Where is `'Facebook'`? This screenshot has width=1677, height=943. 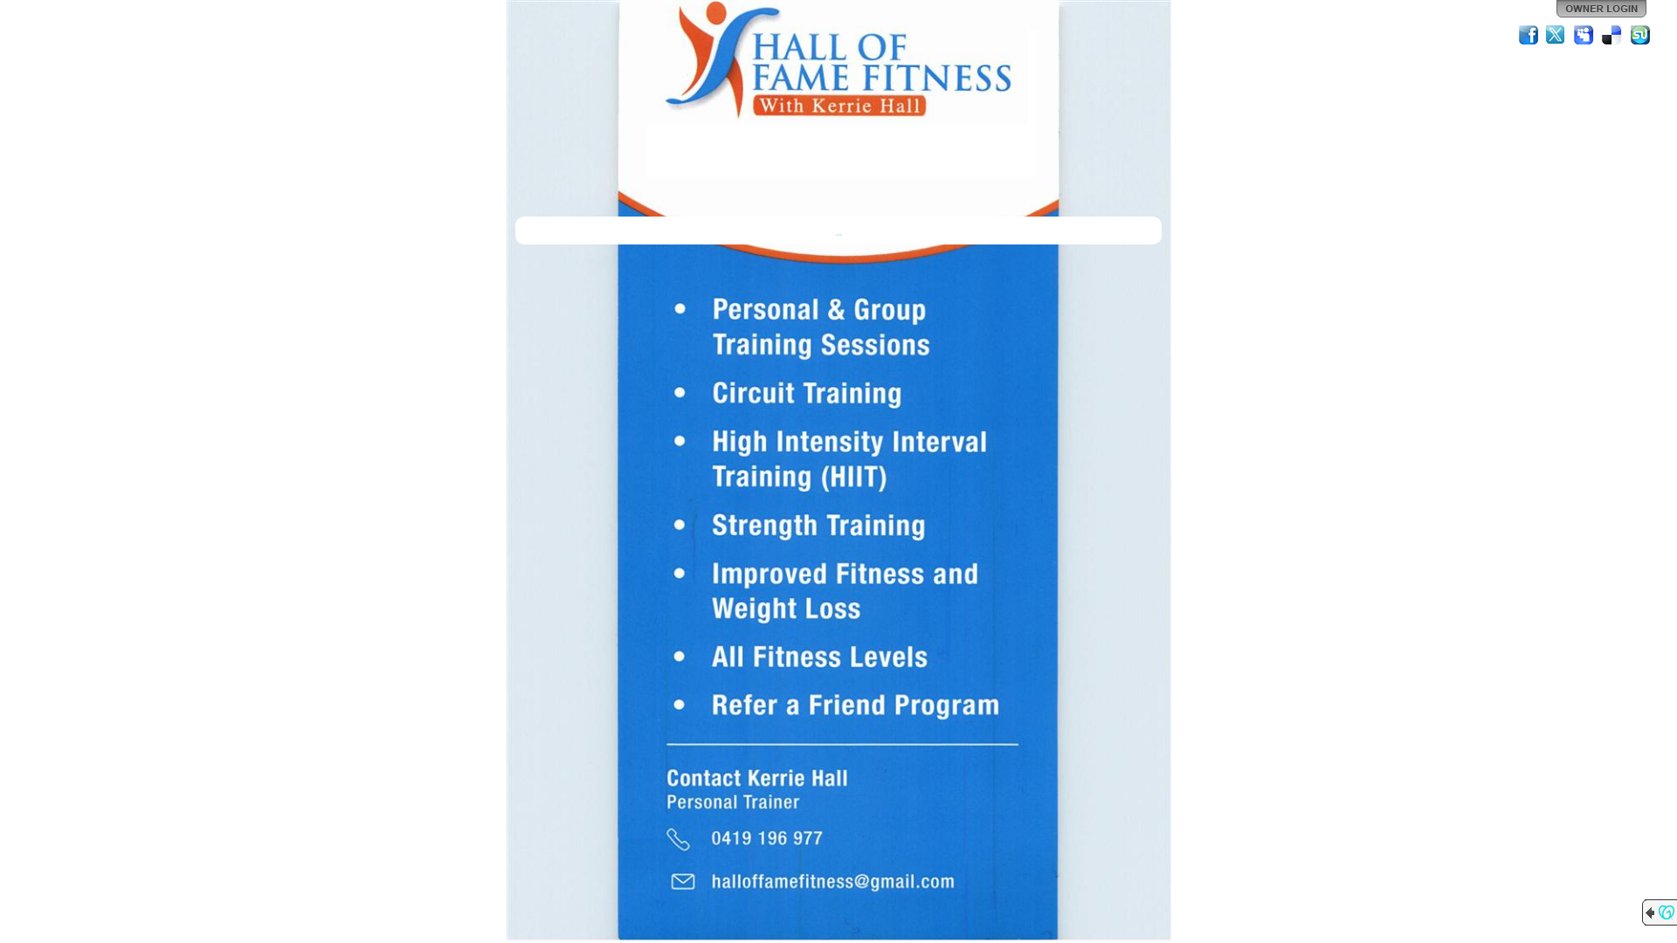 'Facebook' is located at coordinates (1528, 34).